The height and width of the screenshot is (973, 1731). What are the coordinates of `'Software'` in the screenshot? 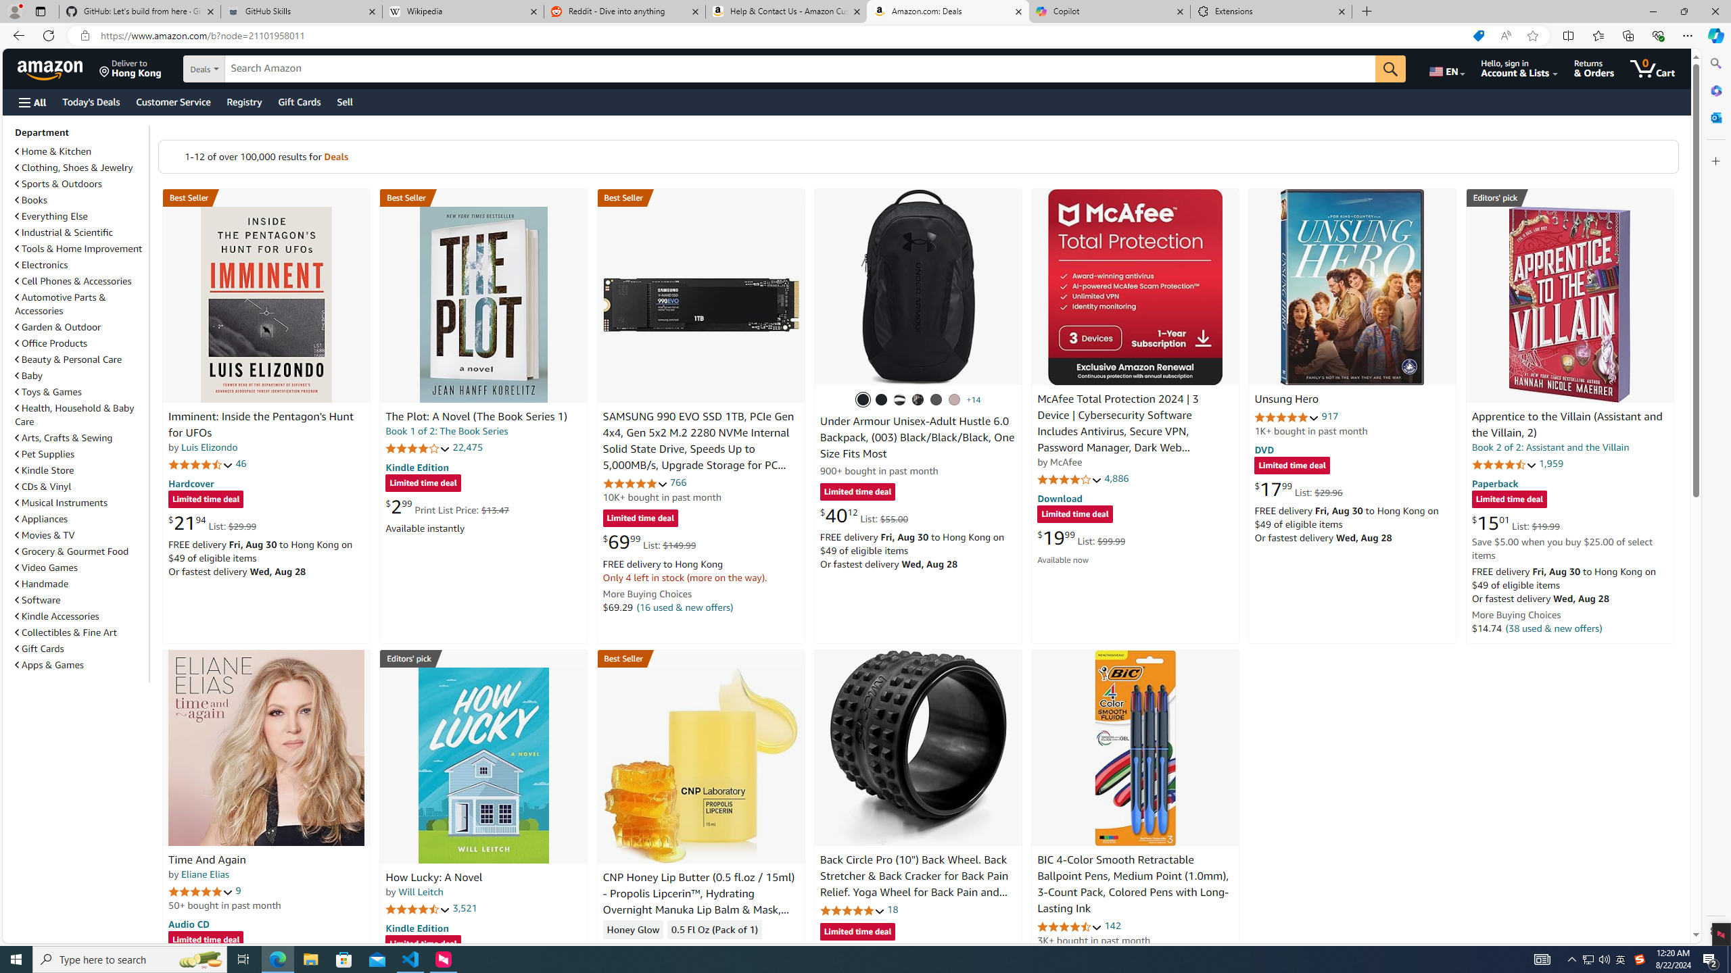 It's located at (80, 600).